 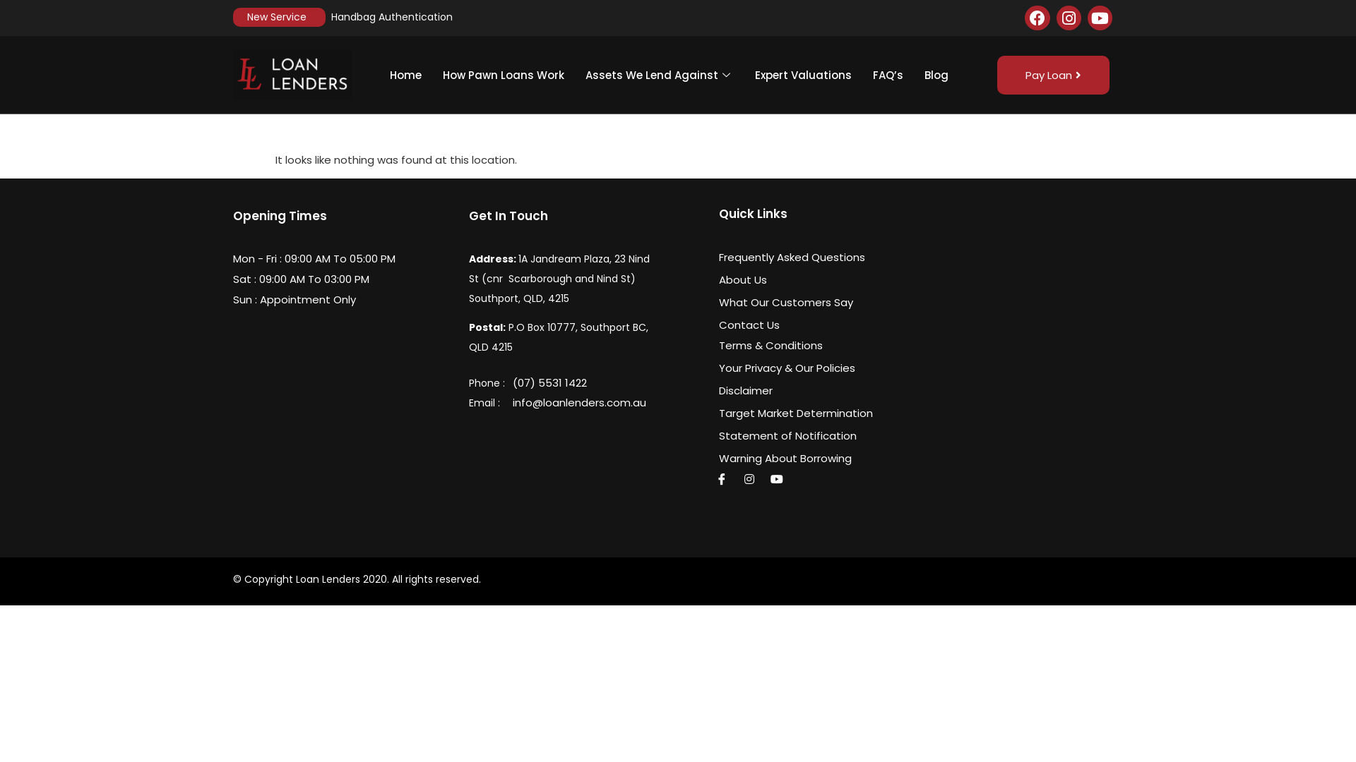 What do you see at coordinates (806, 325) in the screenshot?
I see `'Contact Us'` at bounding box center [806, 325].